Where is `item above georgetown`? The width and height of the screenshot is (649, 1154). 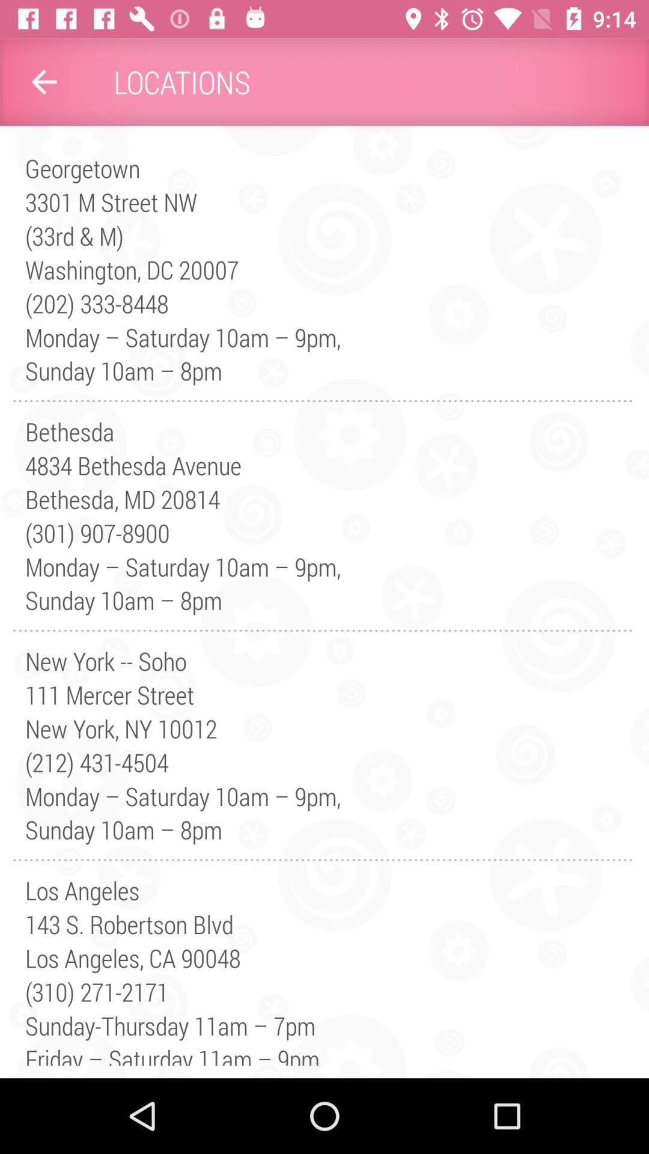
item above georgetown is located at coordinates (43, 81).